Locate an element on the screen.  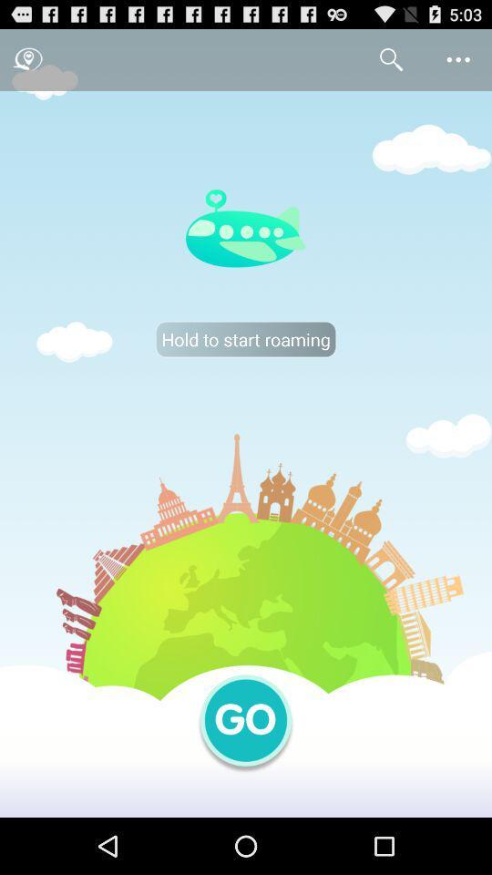
the second cloud image on the right is located at coordinates (448, 436).